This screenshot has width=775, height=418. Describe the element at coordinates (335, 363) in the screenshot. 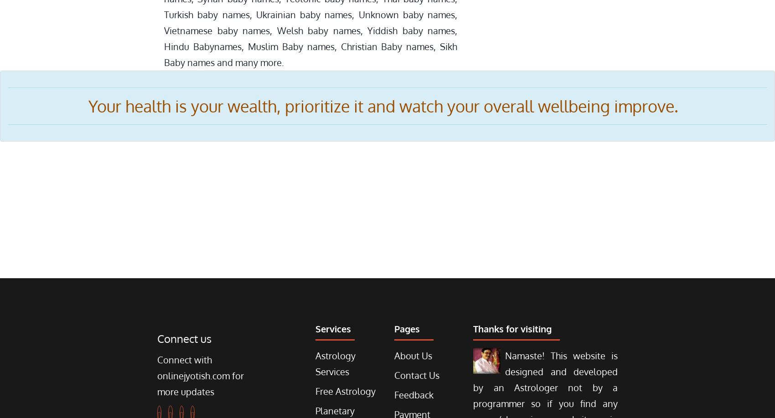

I see `'Astrology Services'` at that location.